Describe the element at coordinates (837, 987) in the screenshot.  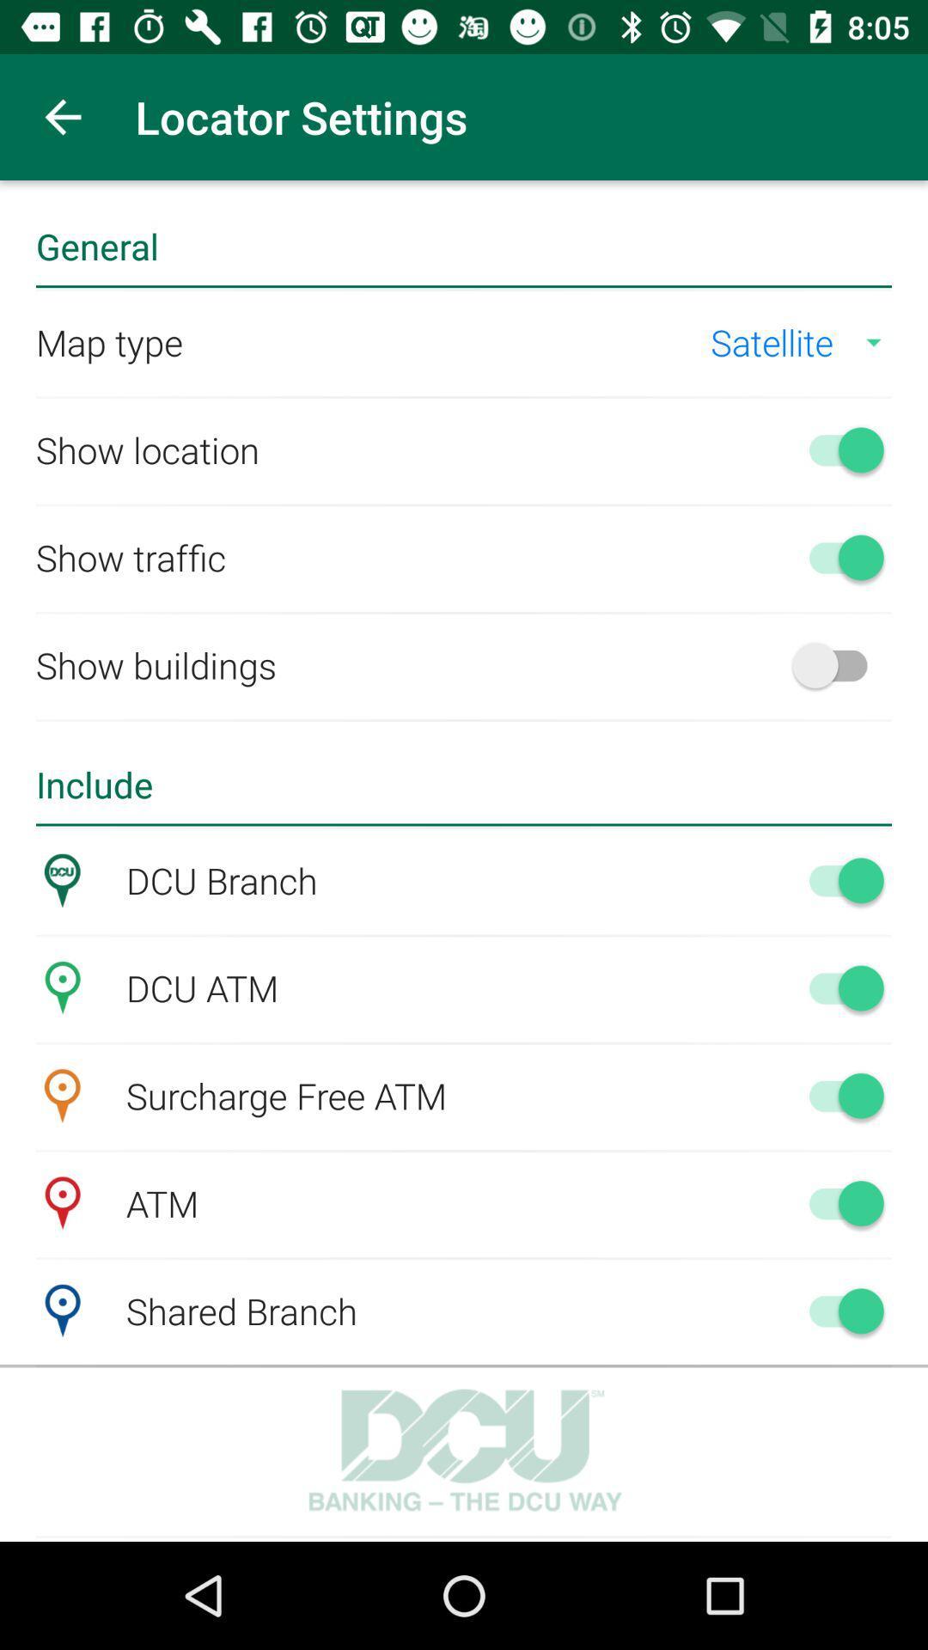
I see `turn on dcu atm` at that location.